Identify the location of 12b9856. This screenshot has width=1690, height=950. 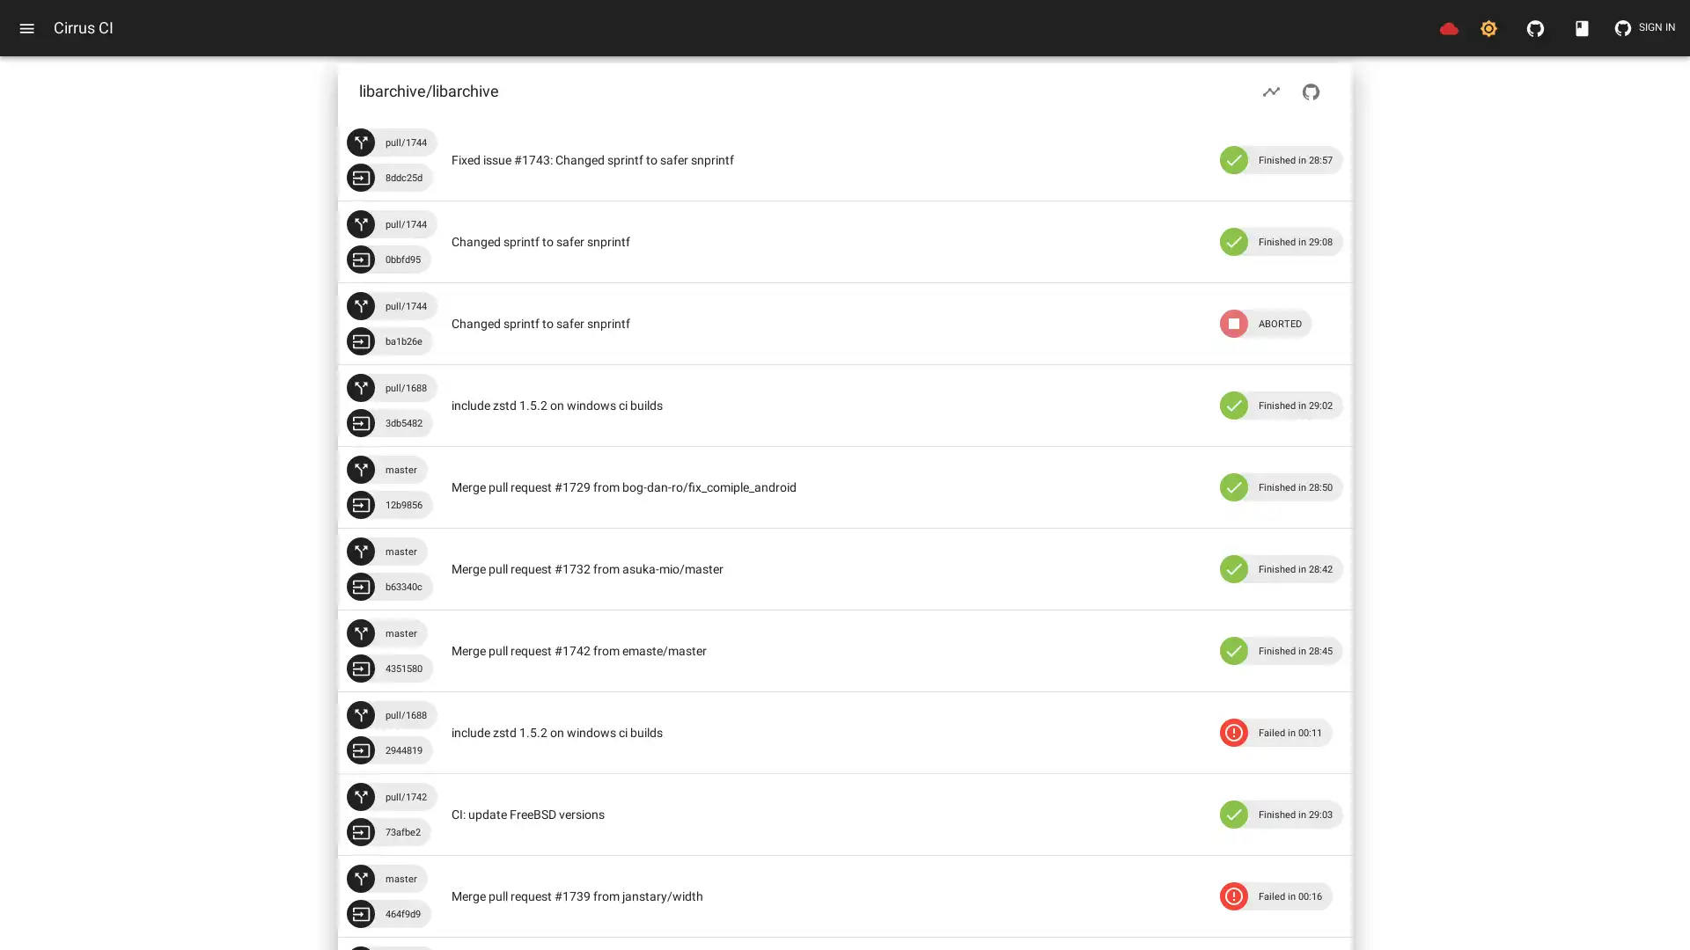
(388, 505).